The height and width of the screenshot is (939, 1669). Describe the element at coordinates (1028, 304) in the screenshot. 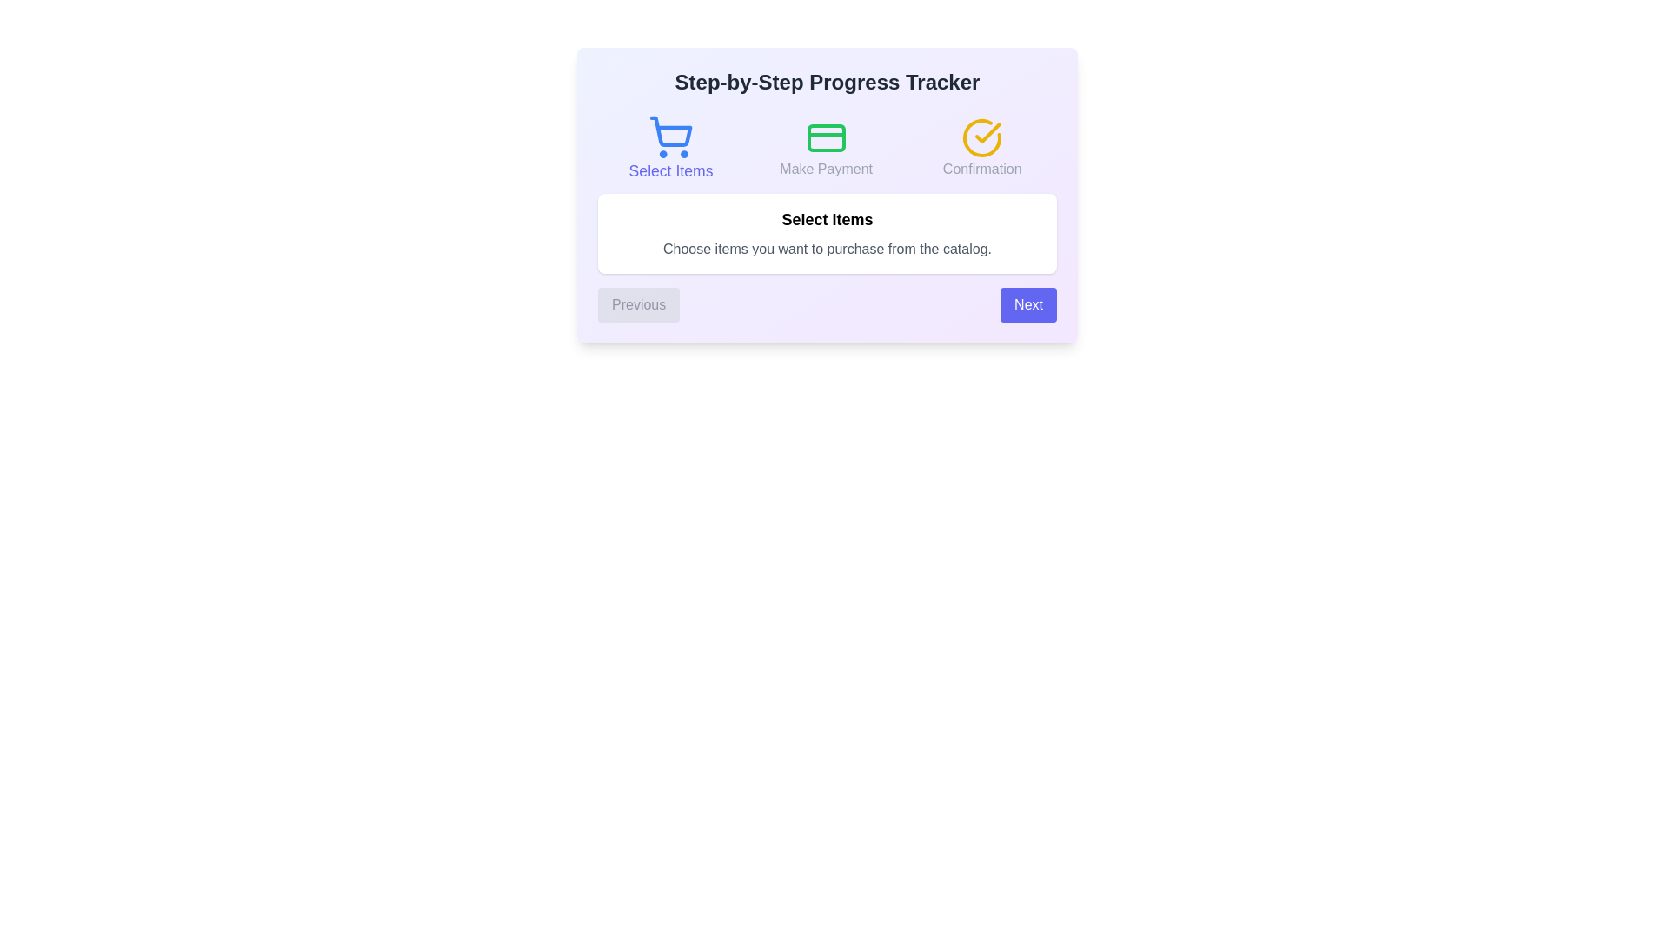

I see `the 'Next' button to navigate to the next step` at that location.